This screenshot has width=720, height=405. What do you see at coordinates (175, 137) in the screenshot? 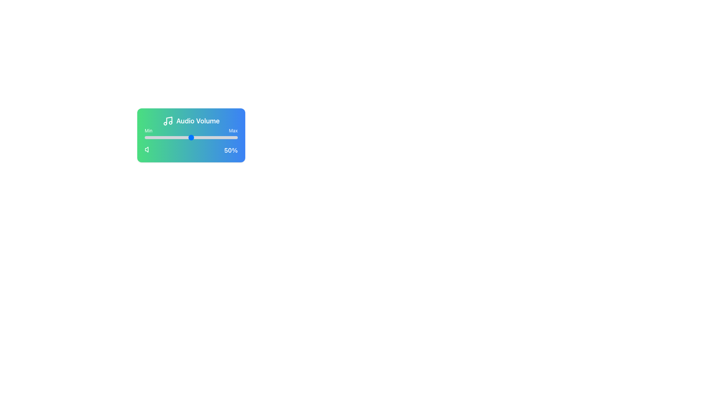
I see `the slider` at bounding box center [175, 137].